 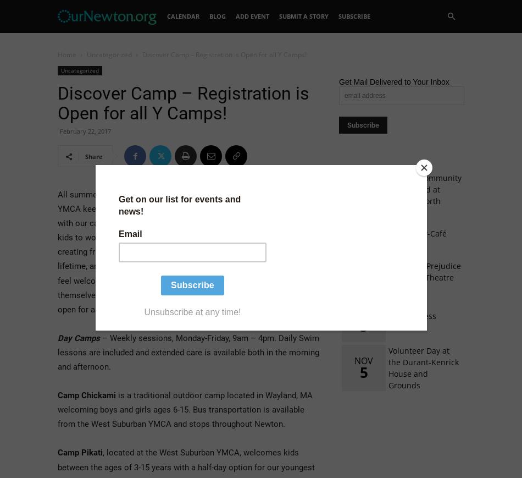 What do you see at coordinates (188, 352) in the screenshot?
I see `'– Weekly sessions, Monday-Friday, 9am – 4pm. Daily Swim lessons are included and extended care is available both in the morning and afternoon.'` at bounding box center [188, 352].